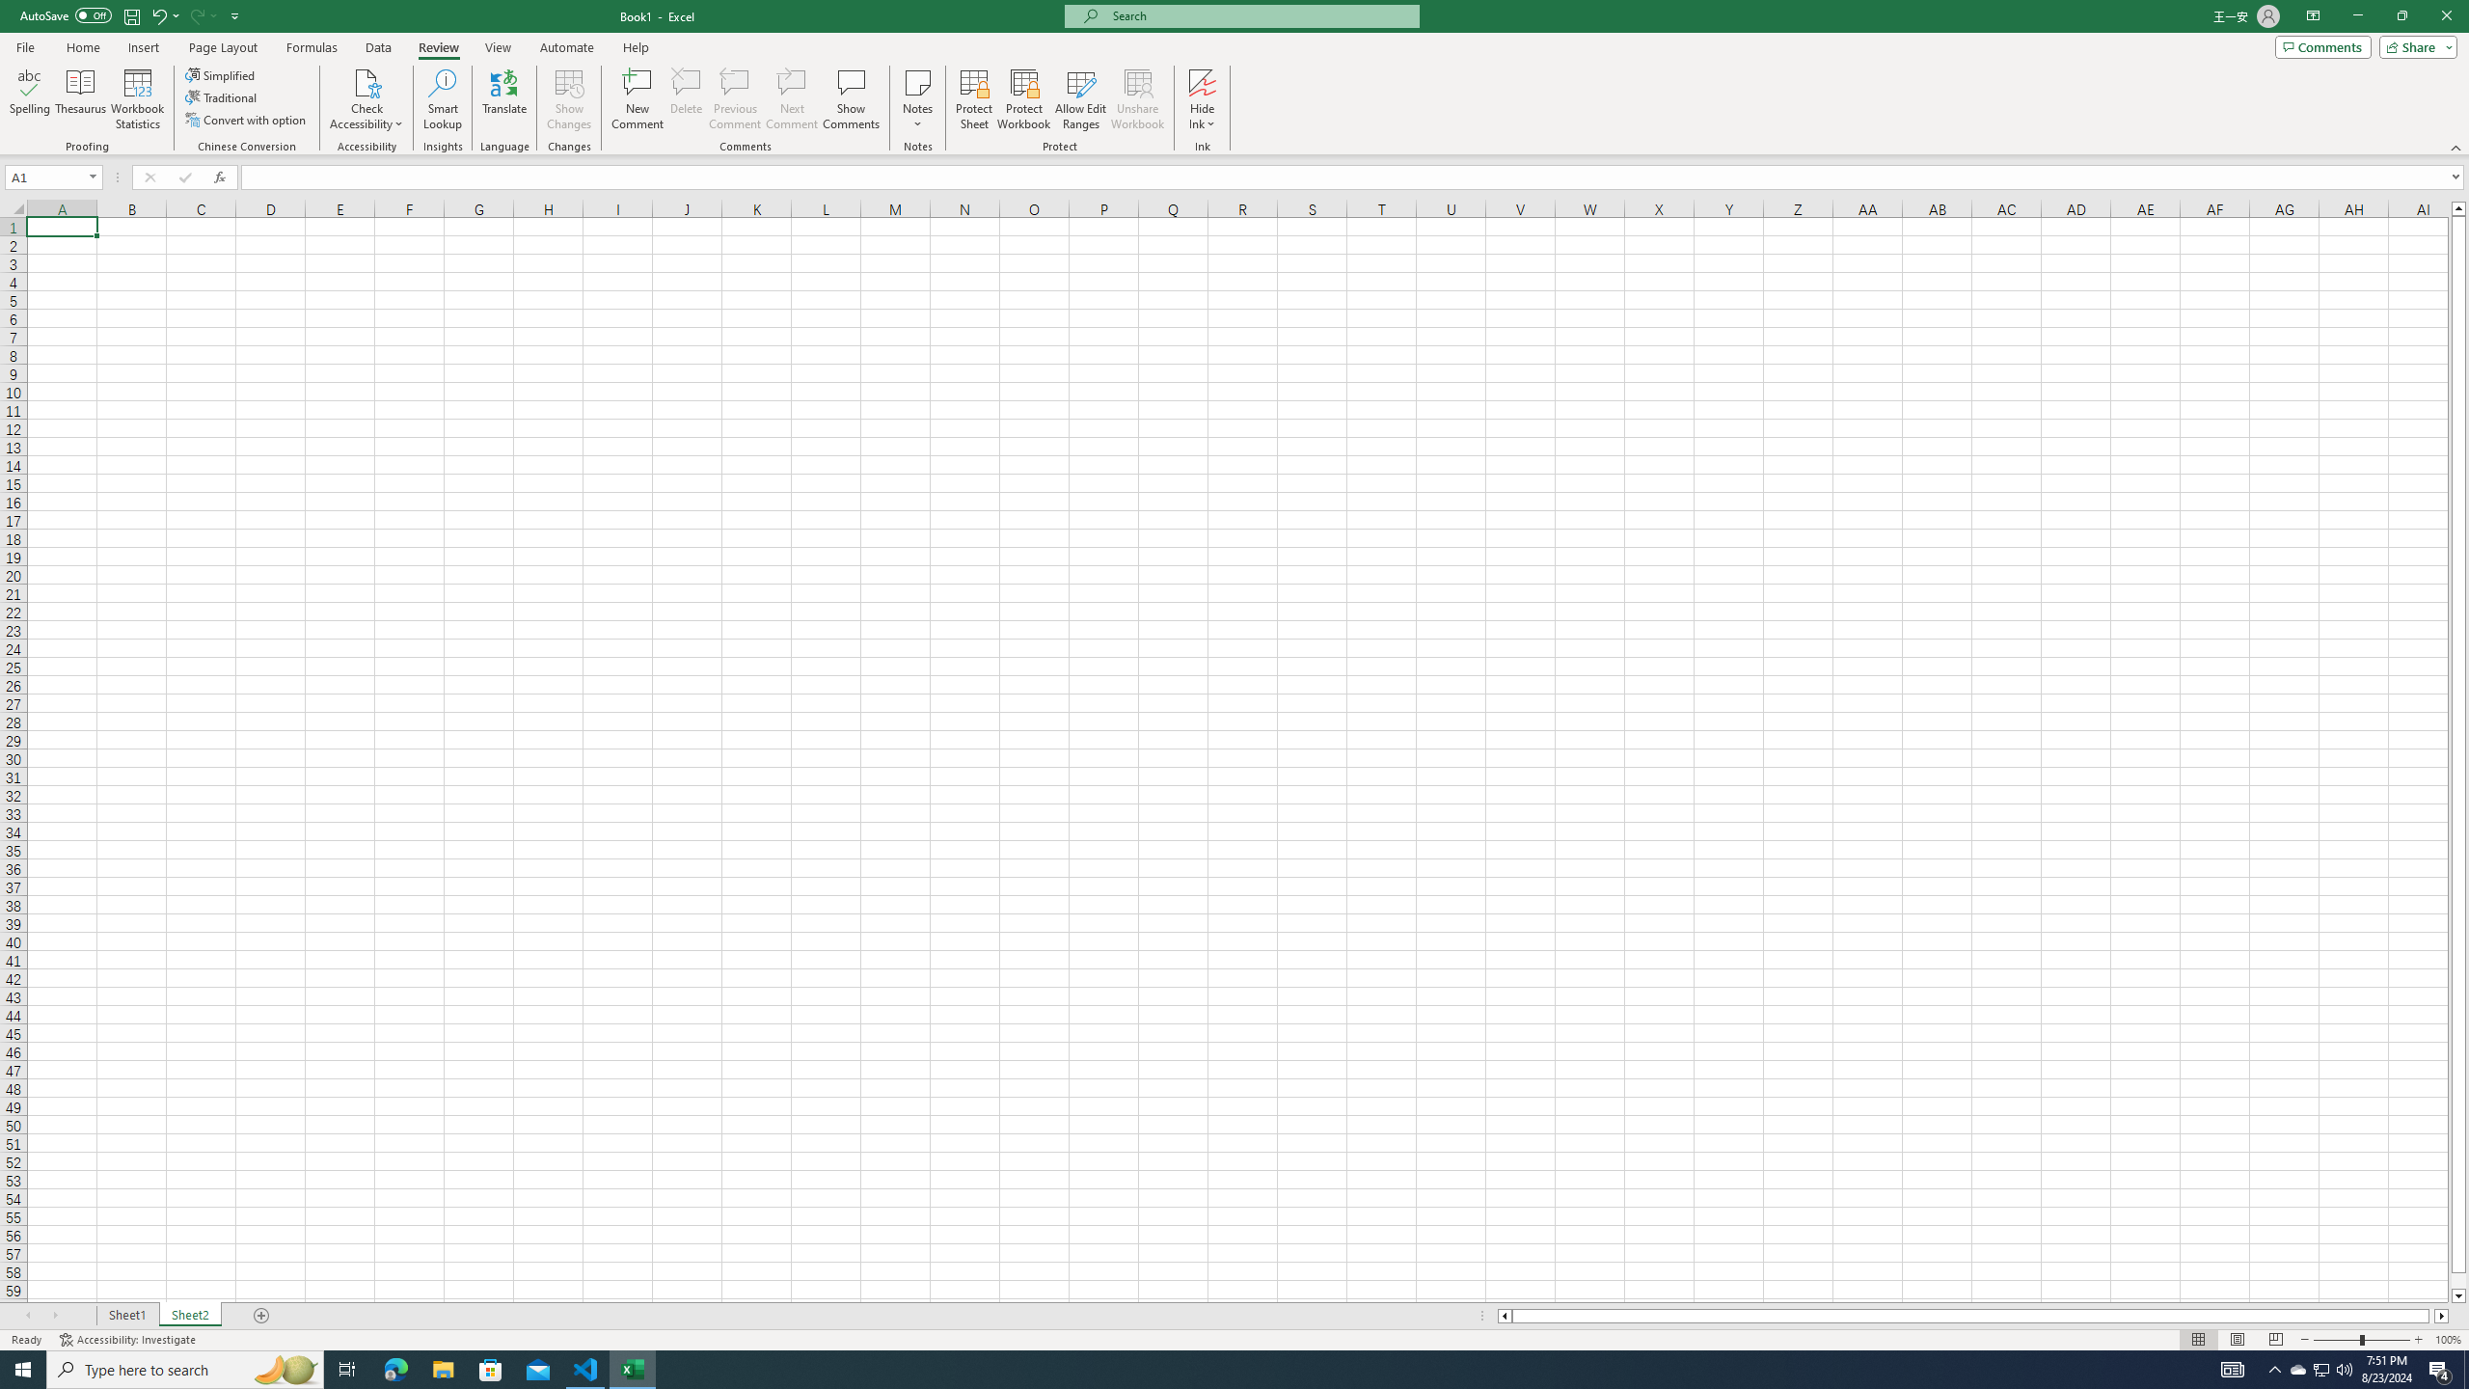  Describe the element at coordinates (442, 99) in the screenshot. I see `'Smart Lookup'` at that location.